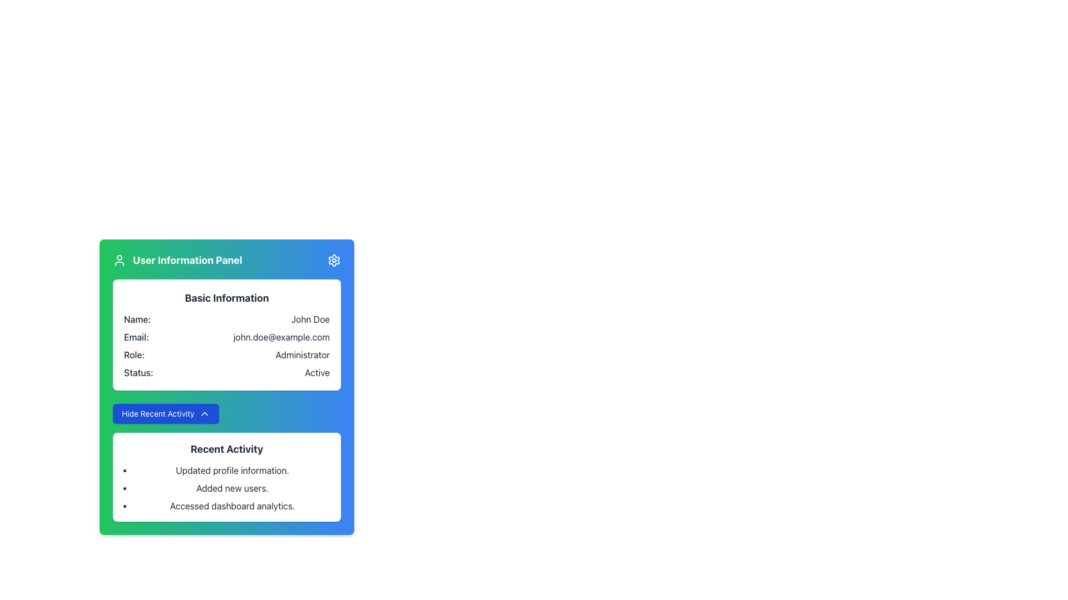 The width and height of the screenshot is (1068, 600). What do you see at coordinates (226, 477) in the screenshot?
I see `the Information Panel containing the title 'Recent Activity' and a list of activities` at bounding box center [226, 477].